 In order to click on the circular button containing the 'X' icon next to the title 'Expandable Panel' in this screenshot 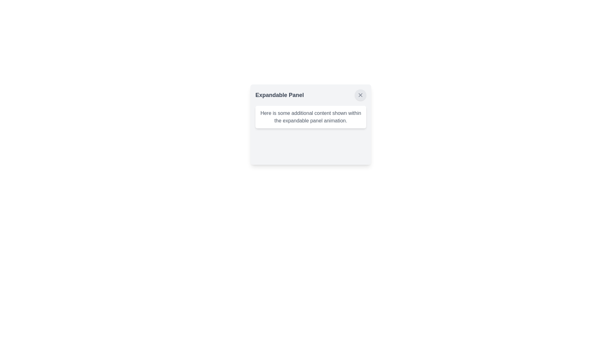, I will do `click(361, 95)`.